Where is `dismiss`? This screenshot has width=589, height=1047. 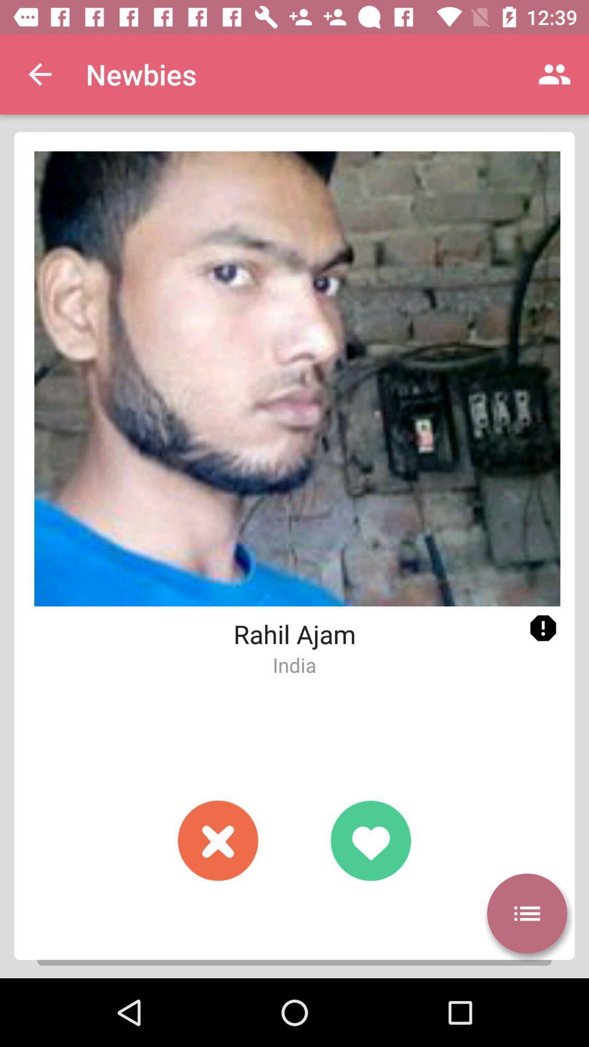
dismiss is located at coordinates (218, 840).